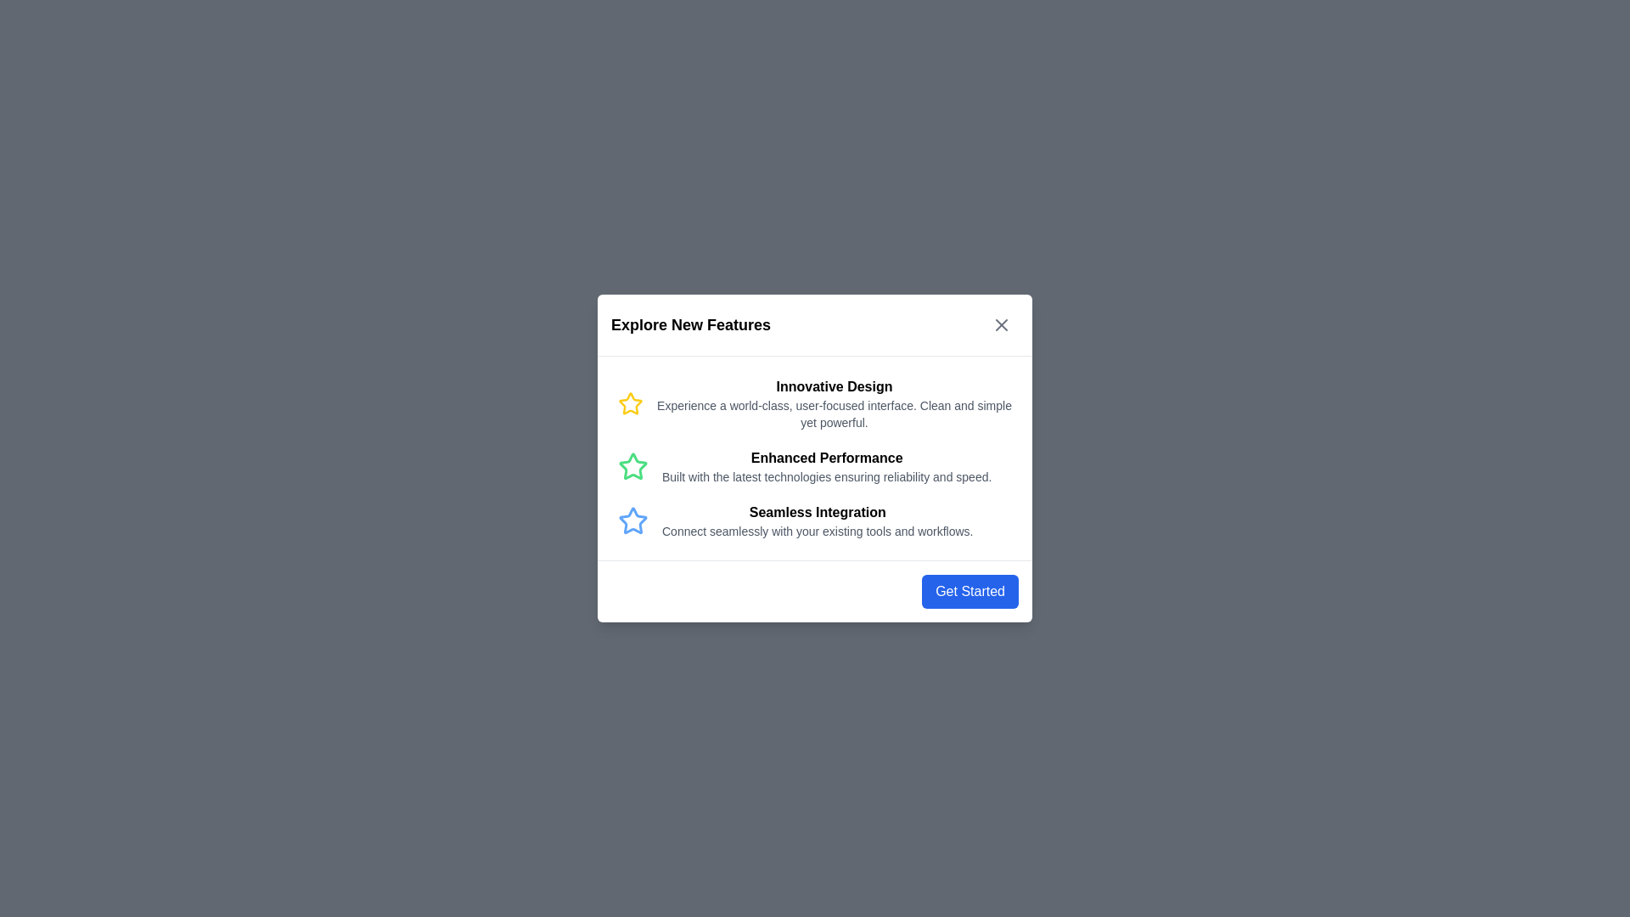  I want to click on the text label 'Innovative Design' styled in bold black font within the dialog box titled 'Explore New Features', so click(835, 386).